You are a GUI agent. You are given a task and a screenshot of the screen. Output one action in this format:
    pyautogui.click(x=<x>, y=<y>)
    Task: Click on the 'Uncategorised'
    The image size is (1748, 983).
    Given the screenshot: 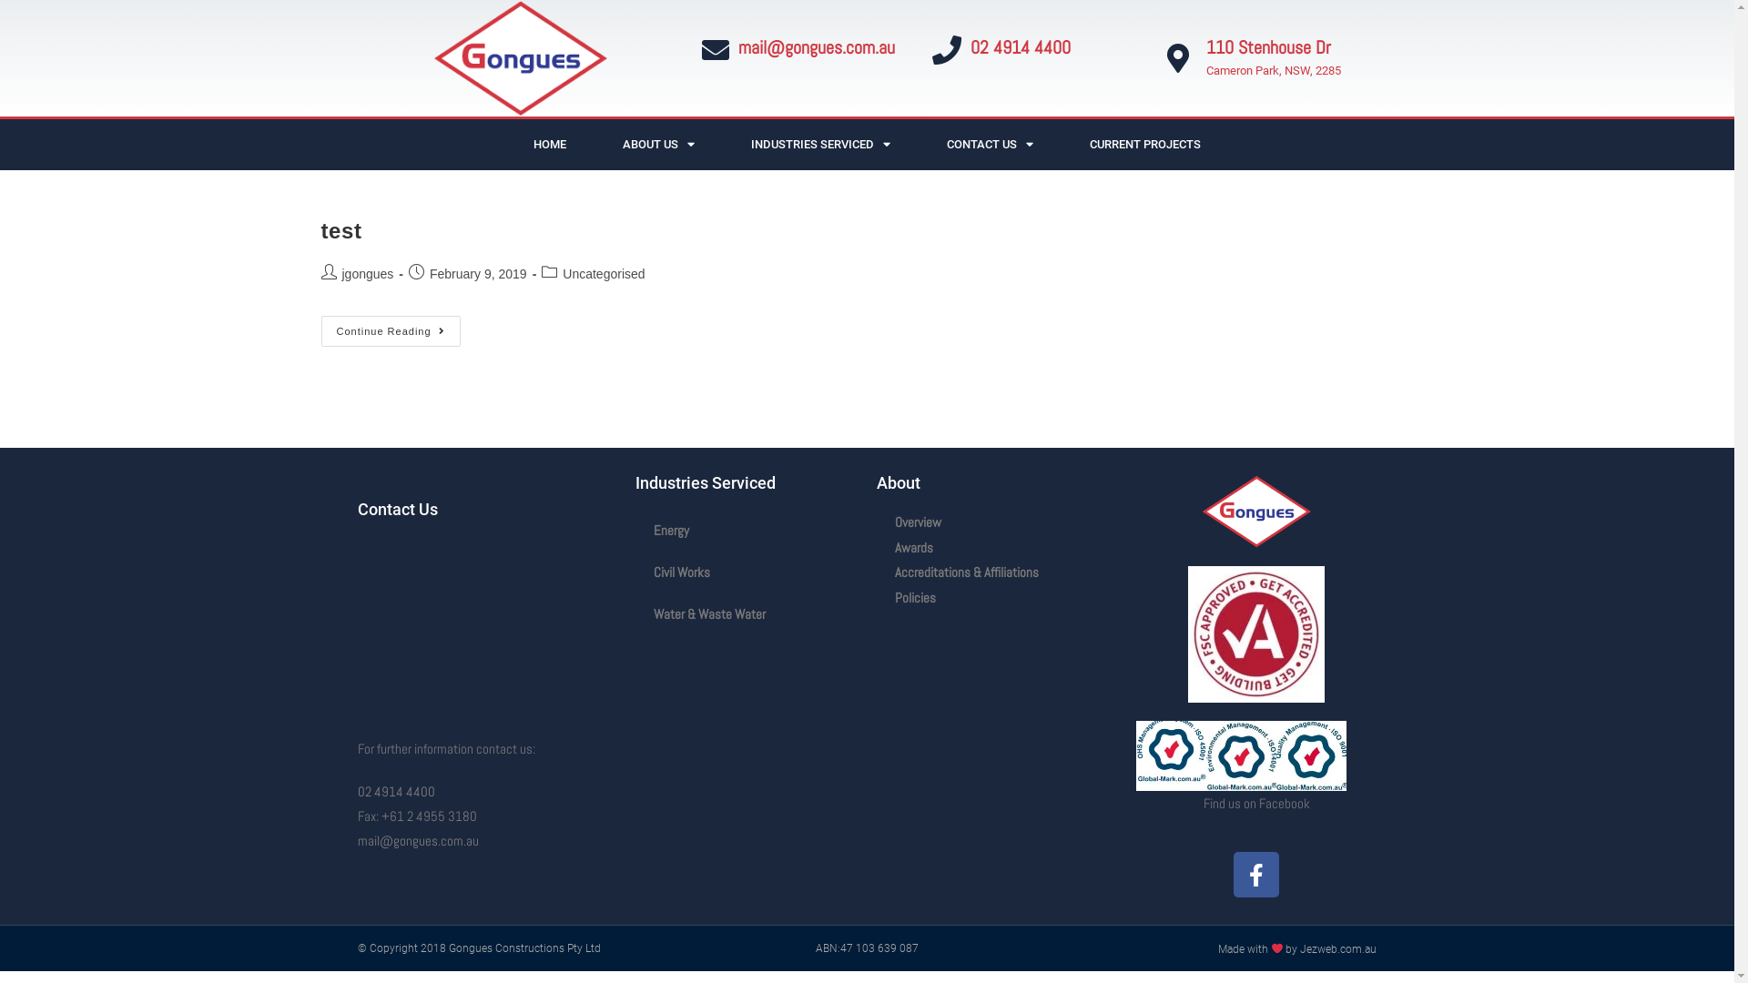 What is the action you would take?
    pyautogui.click(x=603, y=273)
    